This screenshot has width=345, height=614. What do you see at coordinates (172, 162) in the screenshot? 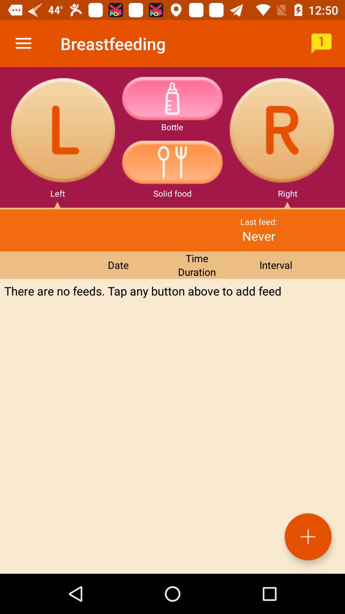
I see `the sliders icon` at bounding box center [172, 162].